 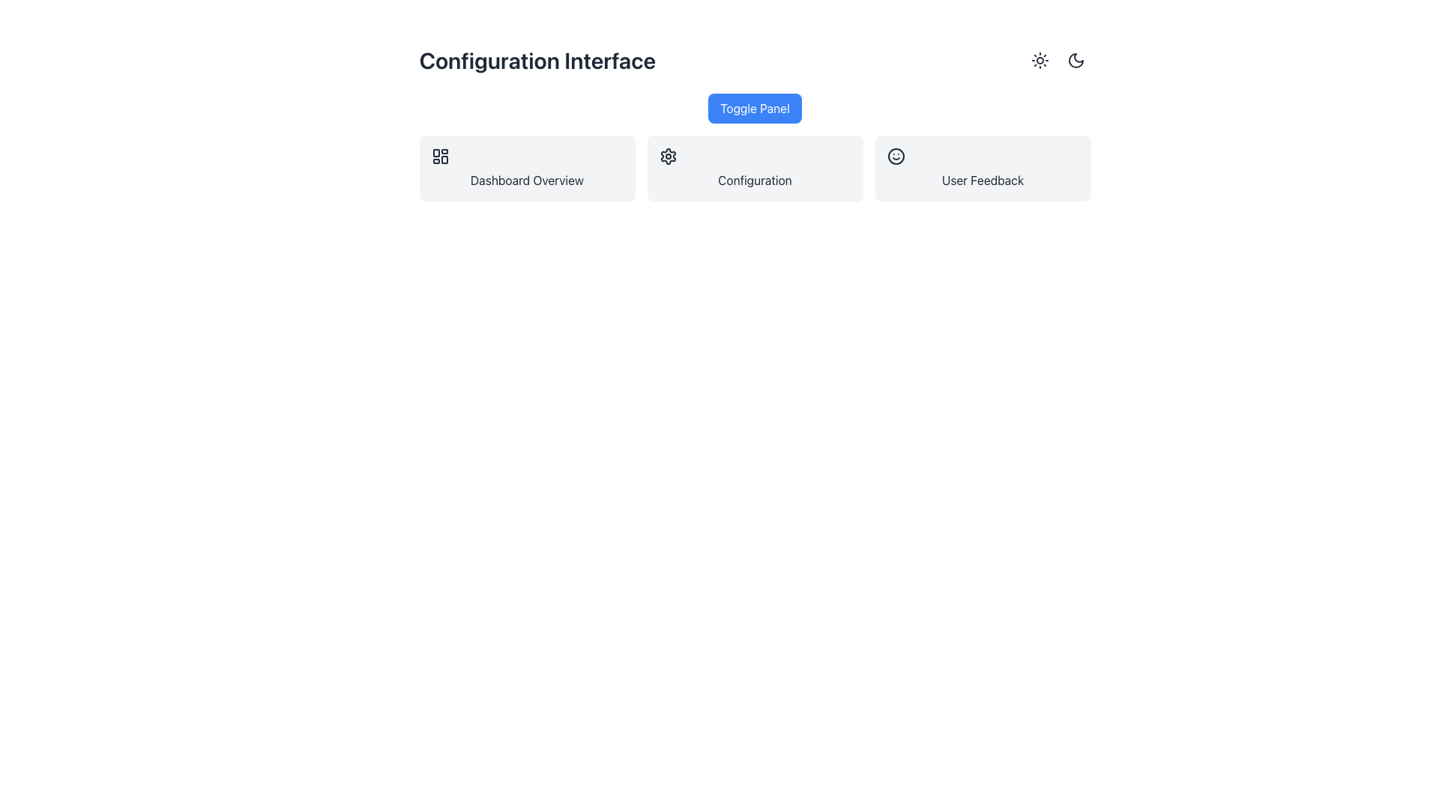 What do you see at coordinates (435, 153) in the screenshot?
I see `the top-left rectangle of the dashboard icon within the 'Dashboard Overview' button, which is the first button among three similar cards` at bounding box center [435, 153].